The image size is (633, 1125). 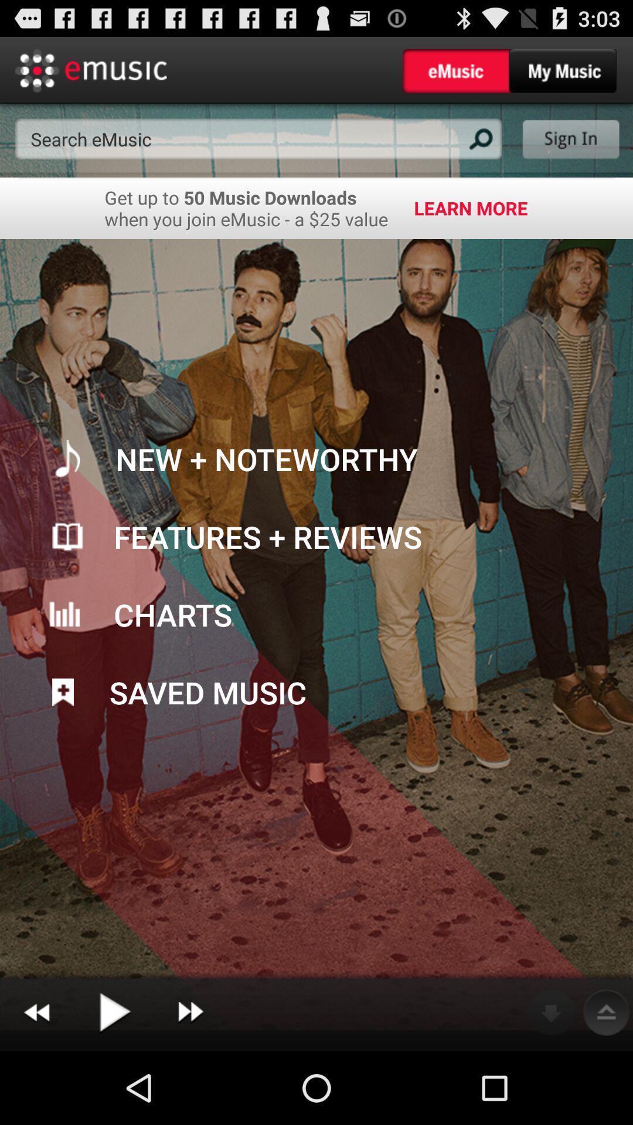 I want to click on the play icon, so click(x=114, y=1083).